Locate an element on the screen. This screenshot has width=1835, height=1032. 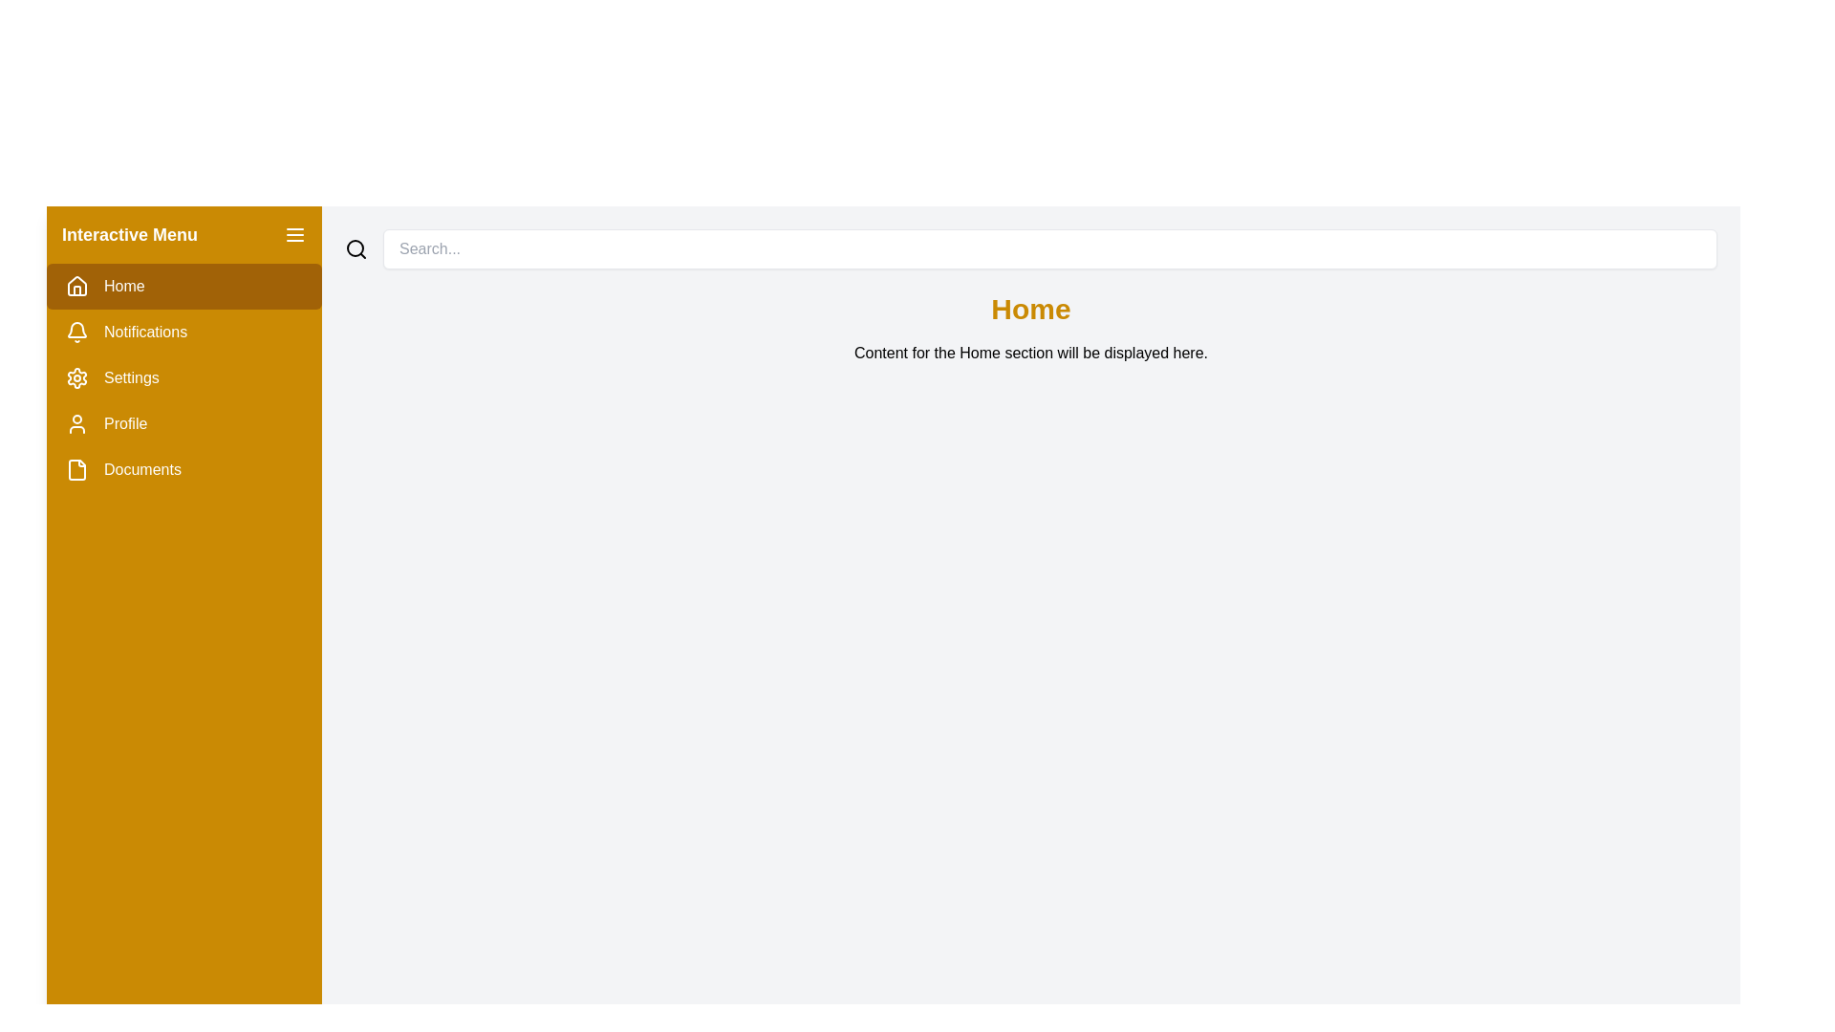
the small menu icon composed of three horizontal lines styled in white on a golden background, located at the top-right corner of the left navigation bar, near the label 'Interactive Menu' is located at coordinates (293, 234).